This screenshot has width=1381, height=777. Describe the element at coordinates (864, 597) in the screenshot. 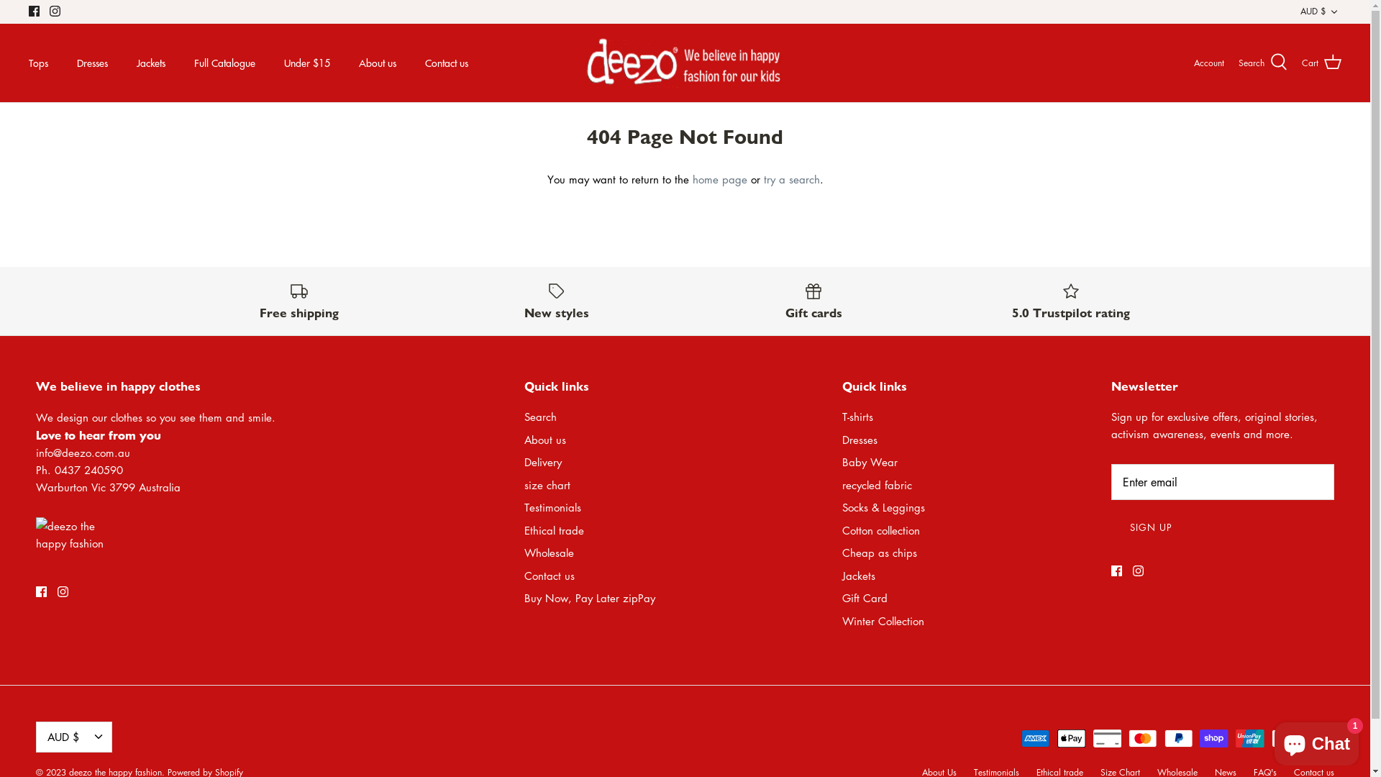

I see `'Gift Card'` at that location.